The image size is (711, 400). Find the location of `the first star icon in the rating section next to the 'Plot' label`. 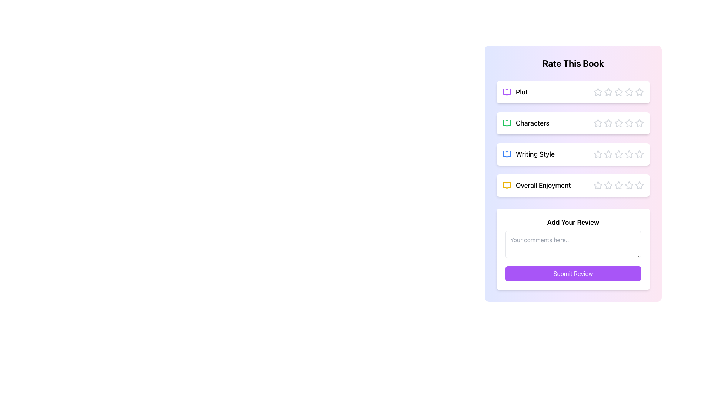

the first star icon in the rating section next to the 'Plot' label is located at coordinates (598, 92).